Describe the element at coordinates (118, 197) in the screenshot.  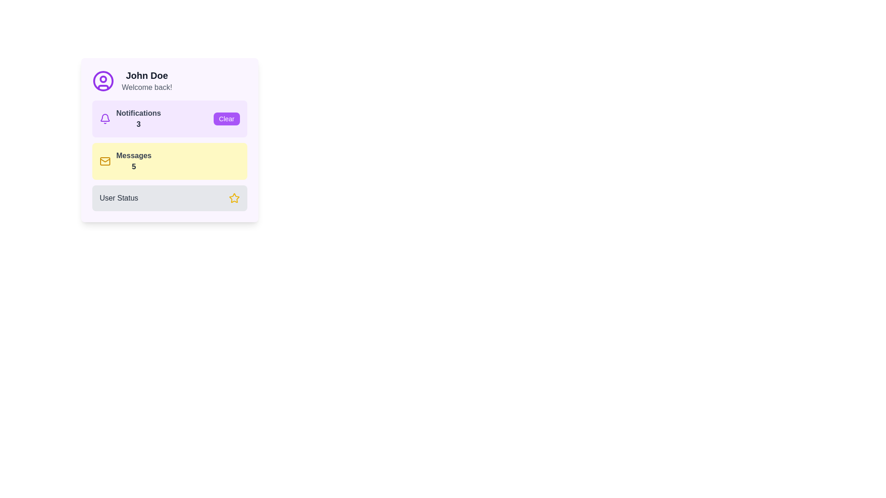
I see `the 'User Status' text label, which is styled in dark gray on a light gray background and located near the bottom of the card interface, to the left of a yellow star icon` at that location.